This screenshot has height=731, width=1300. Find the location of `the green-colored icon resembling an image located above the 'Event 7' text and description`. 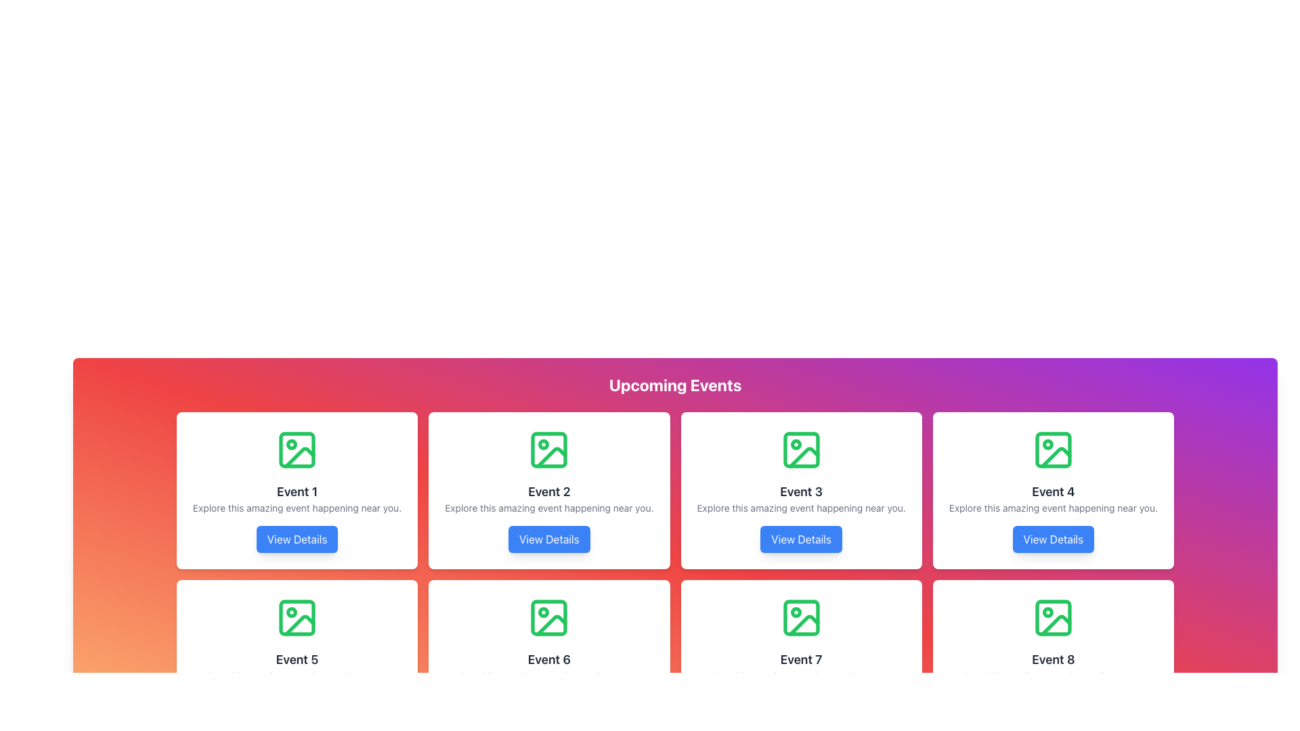

the green-colored icon resembling an image located above the 'Event 7' text and description is located at coordinates (801, 618).